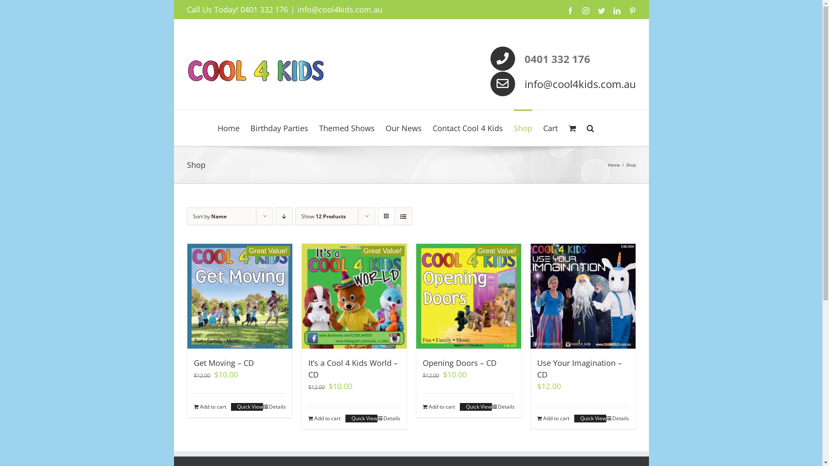 Image resolution: width=829 pixels, height=466 pixels. I want to click on 'Instagram', so click(585, 10).